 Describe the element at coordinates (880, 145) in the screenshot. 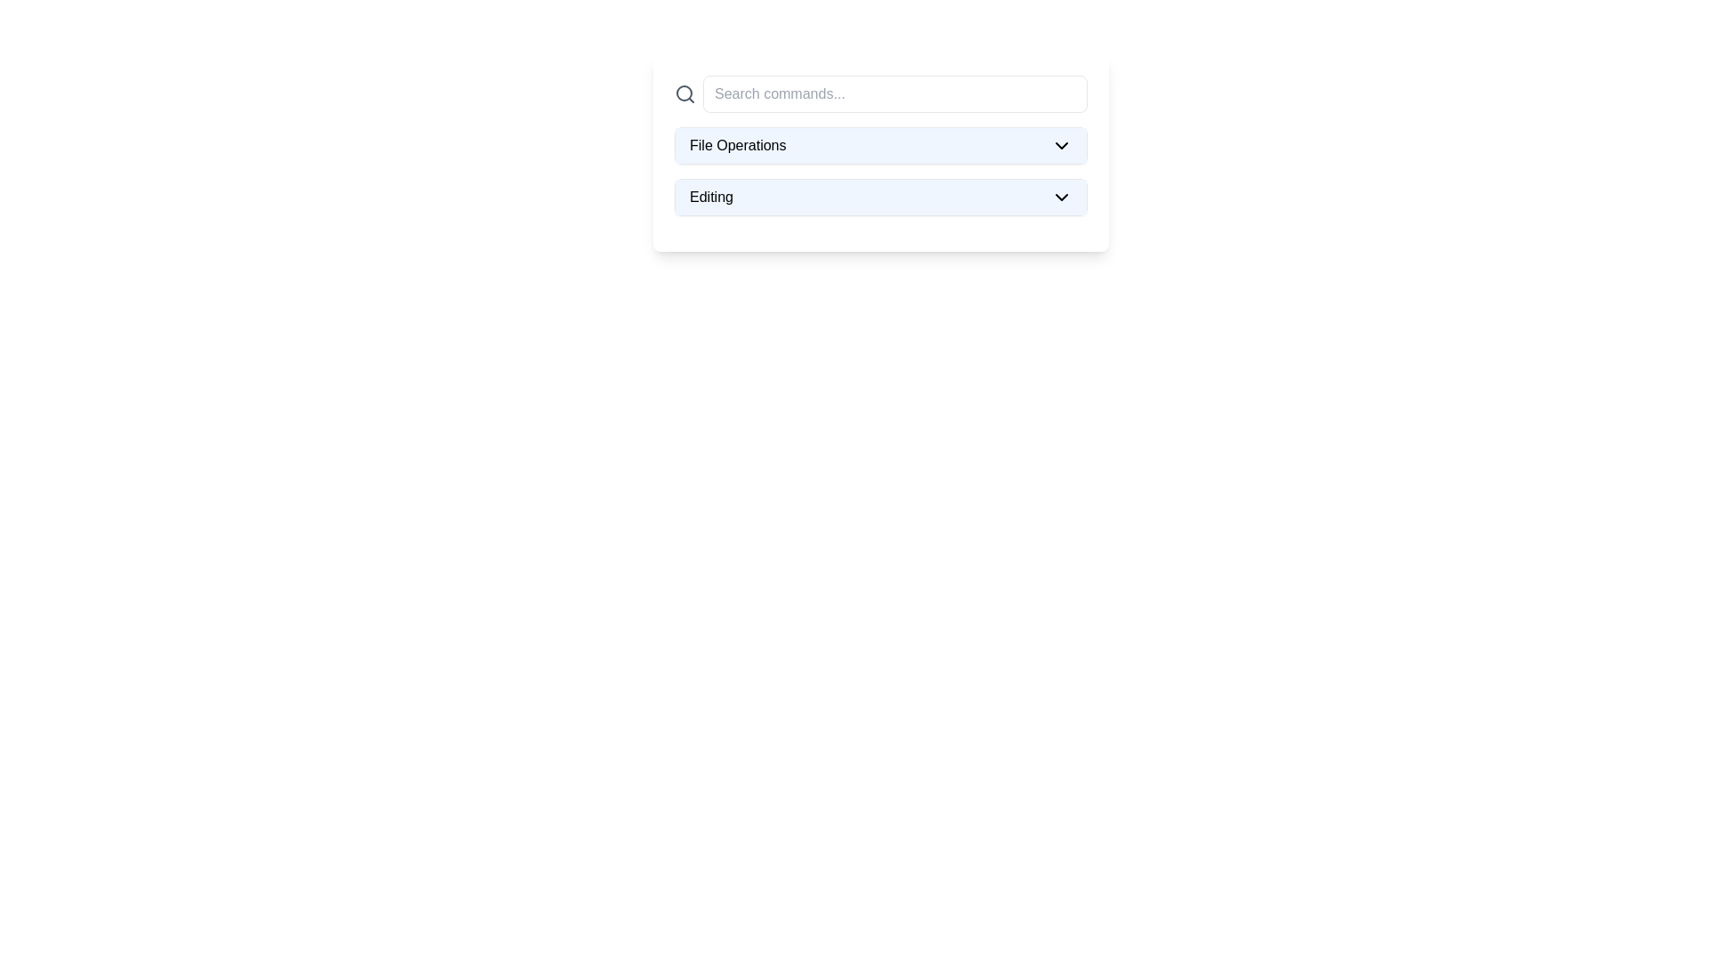

I see `the 'File Operations' dropdown menu item with a light blue background` at that location.